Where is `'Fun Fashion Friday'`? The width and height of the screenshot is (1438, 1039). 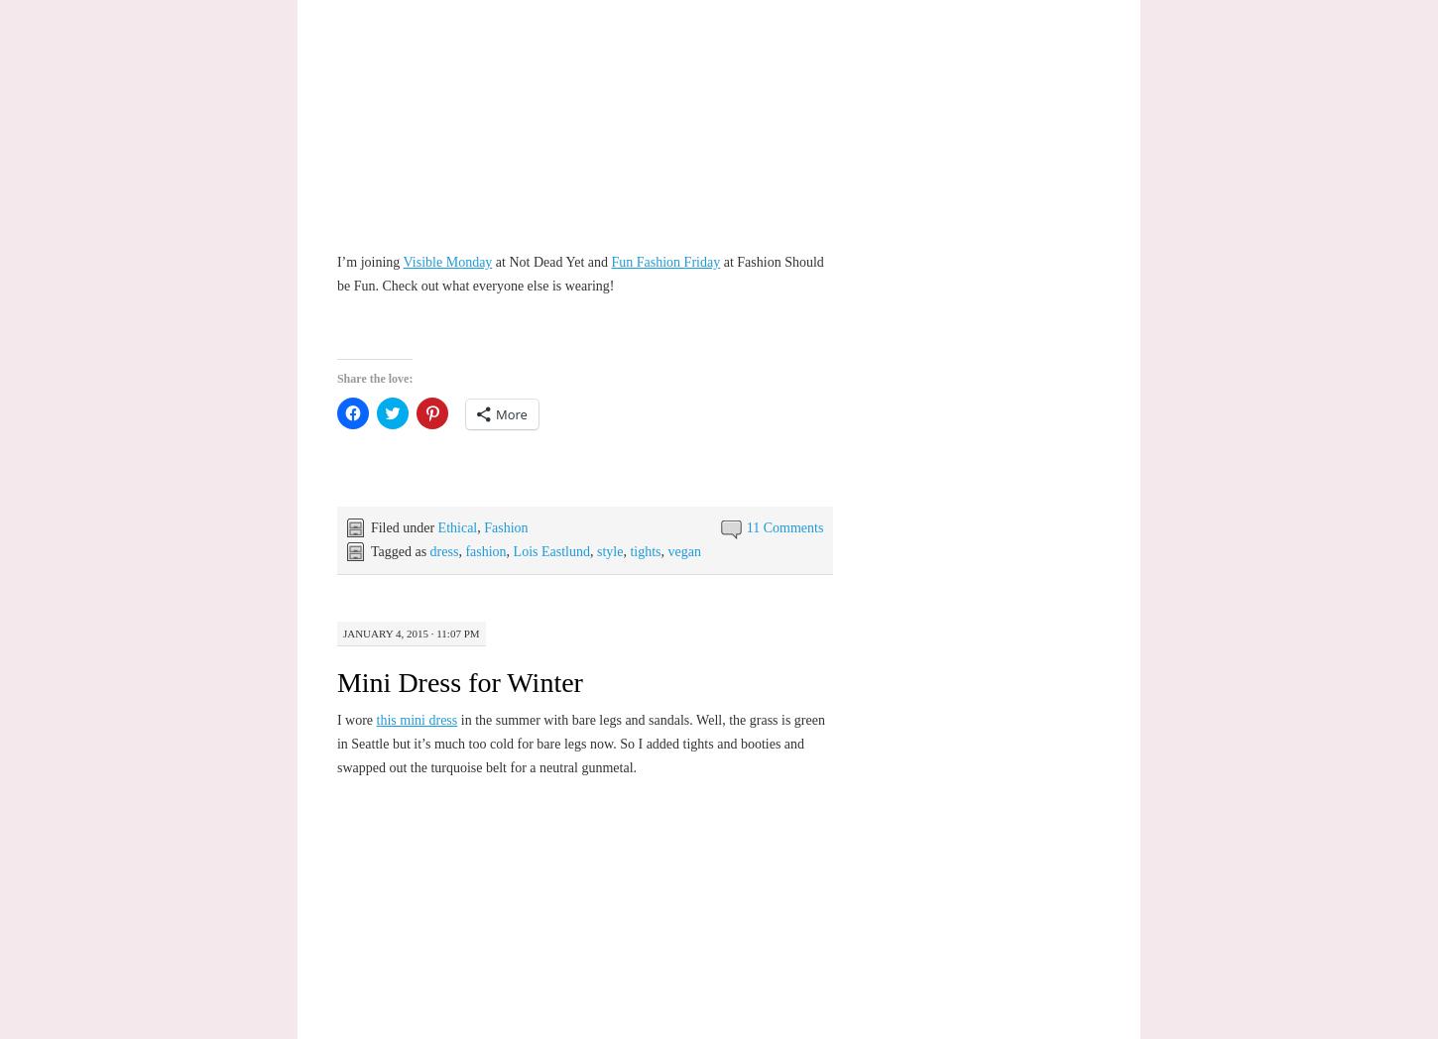 'Fun Fashion Friday' is located at coordinates (664, 261).